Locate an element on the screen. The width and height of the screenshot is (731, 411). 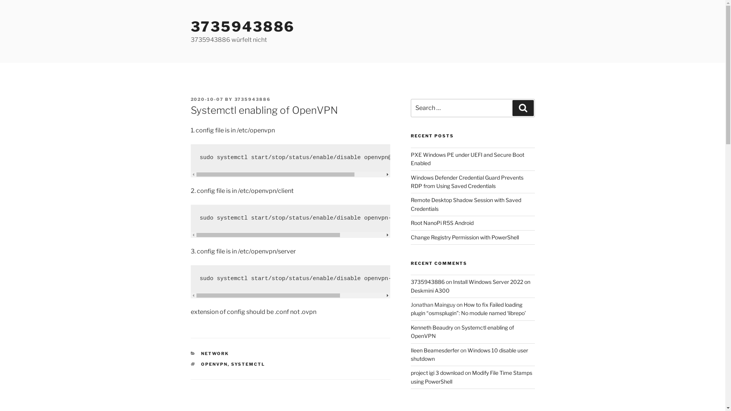
'Ileen Beamesderfer' is located at coordinates (435, 350).